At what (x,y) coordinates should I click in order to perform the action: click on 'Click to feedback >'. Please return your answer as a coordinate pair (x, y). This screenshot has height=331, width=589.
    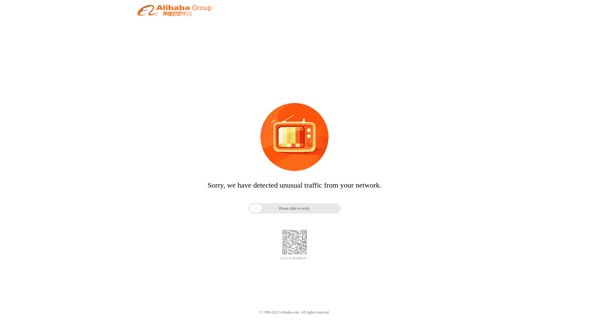
    Looking at the image, I should click on (294, 258).